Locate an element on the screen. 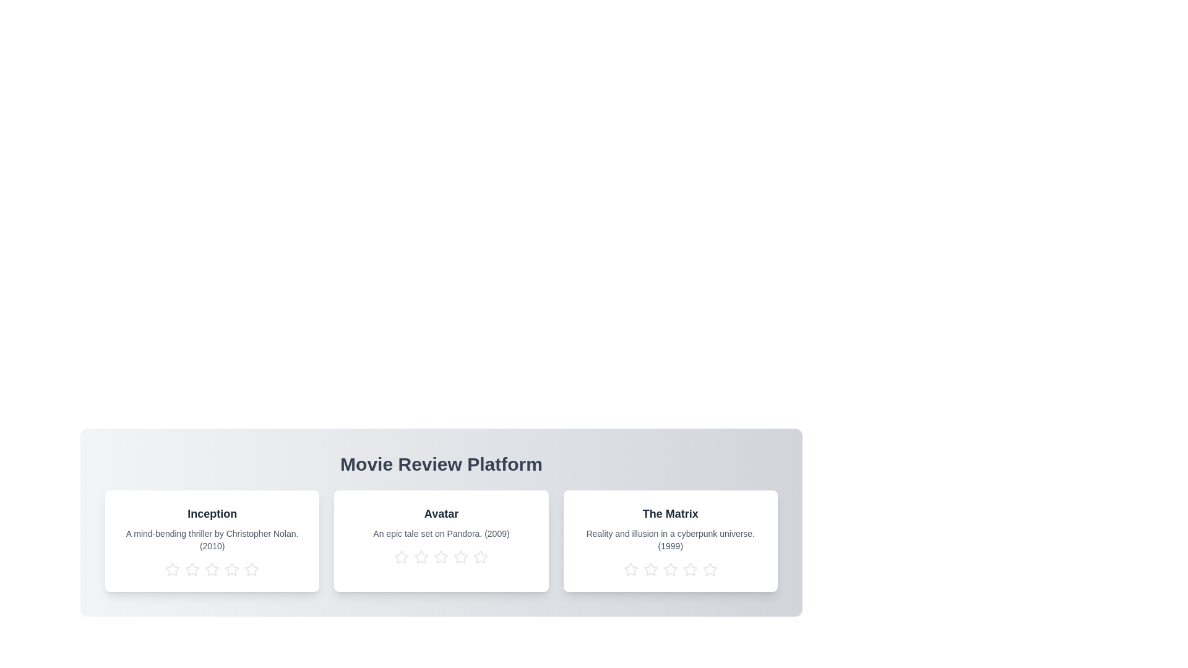  the star corresponding to 3 stars for the movie titled Inception is located at coordinates (212, 570).